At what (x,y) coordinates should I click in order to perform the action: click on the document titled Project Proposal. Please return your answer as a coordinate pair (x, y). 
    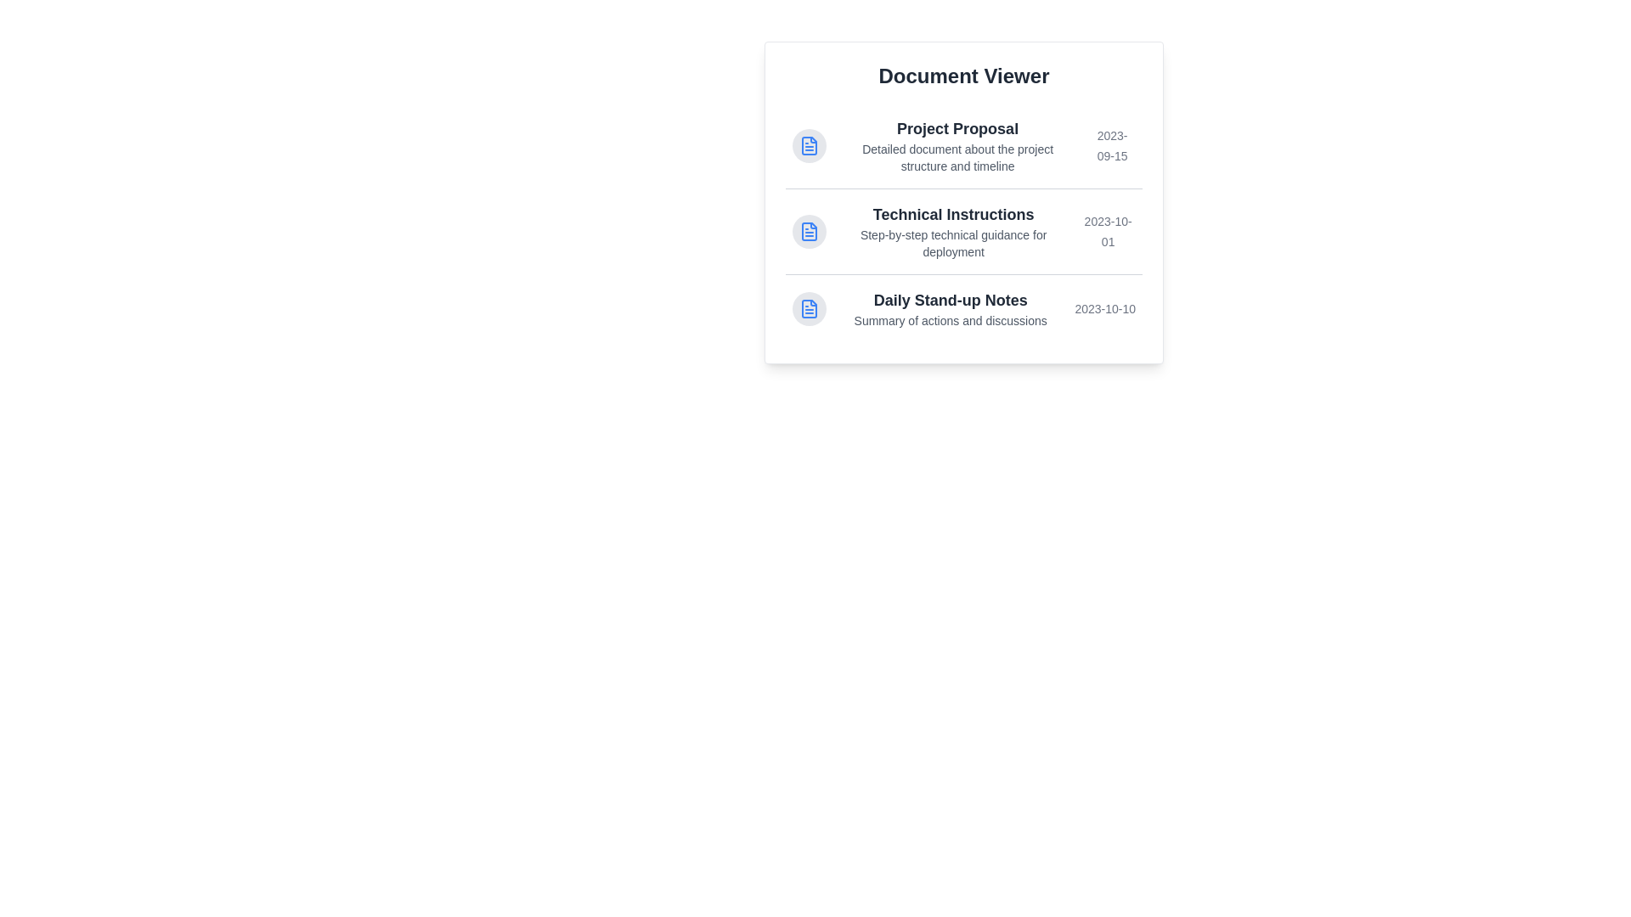
    Looking at the image, I should click on (963, 145).